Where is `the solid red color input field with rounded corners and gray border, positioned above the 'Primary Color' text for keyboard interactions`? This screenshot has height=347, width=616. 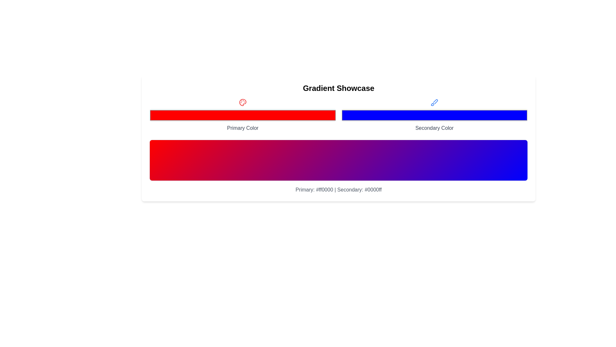
the solid red color input field with rounded corners and gray border, positioned above the 'Primary Color' text for keyboard interactions is located at coordinates (242, 115).